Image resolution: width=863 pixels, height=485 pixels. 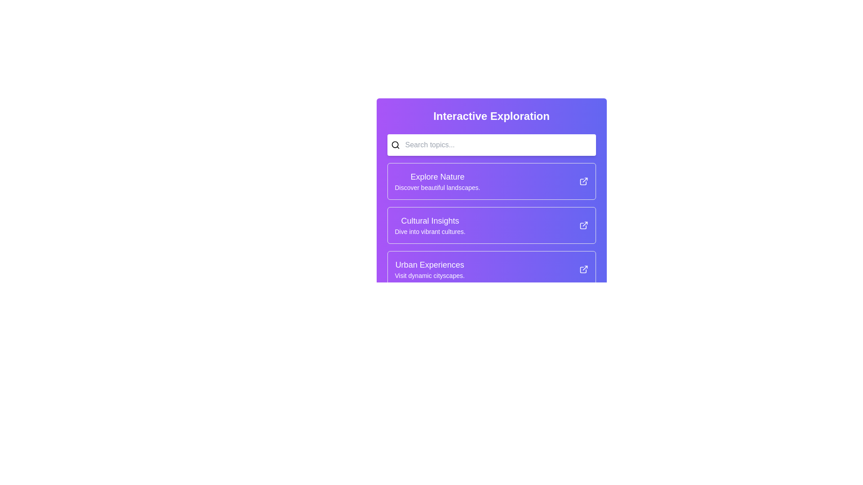 What do you see at coordinates (583, 181) in the screenshot?
I see `the external link icon, which is a small square with a diagonal arrow pointing outwards, located on the far right side of the 'Explore Nature' section` at bounding box center [583, 181].